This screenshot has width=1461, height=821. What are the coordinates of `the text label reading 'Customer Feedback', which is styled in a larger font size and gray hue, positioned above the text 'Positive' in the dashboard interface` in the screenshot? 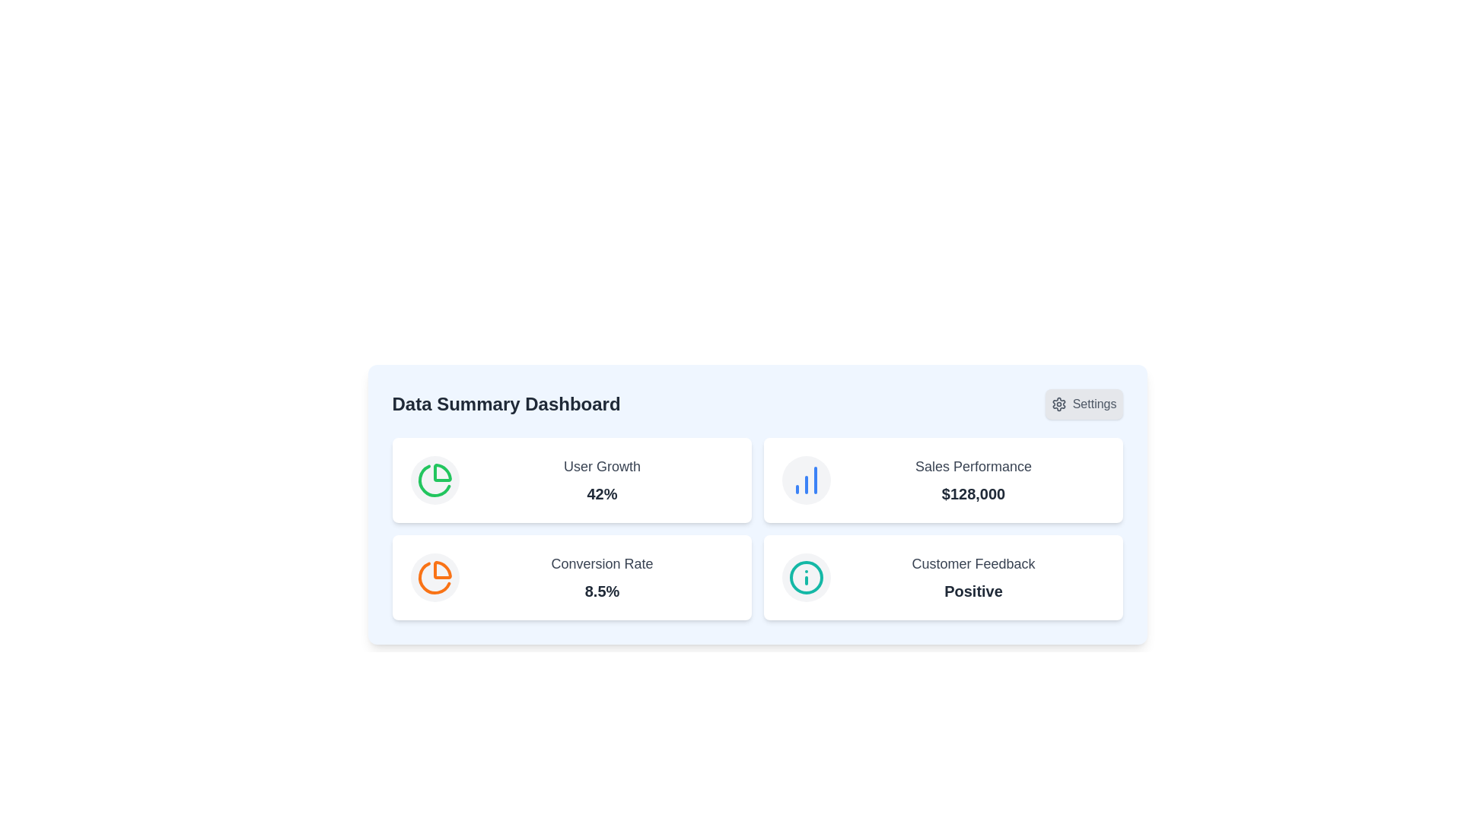 It's located at (972, 563).